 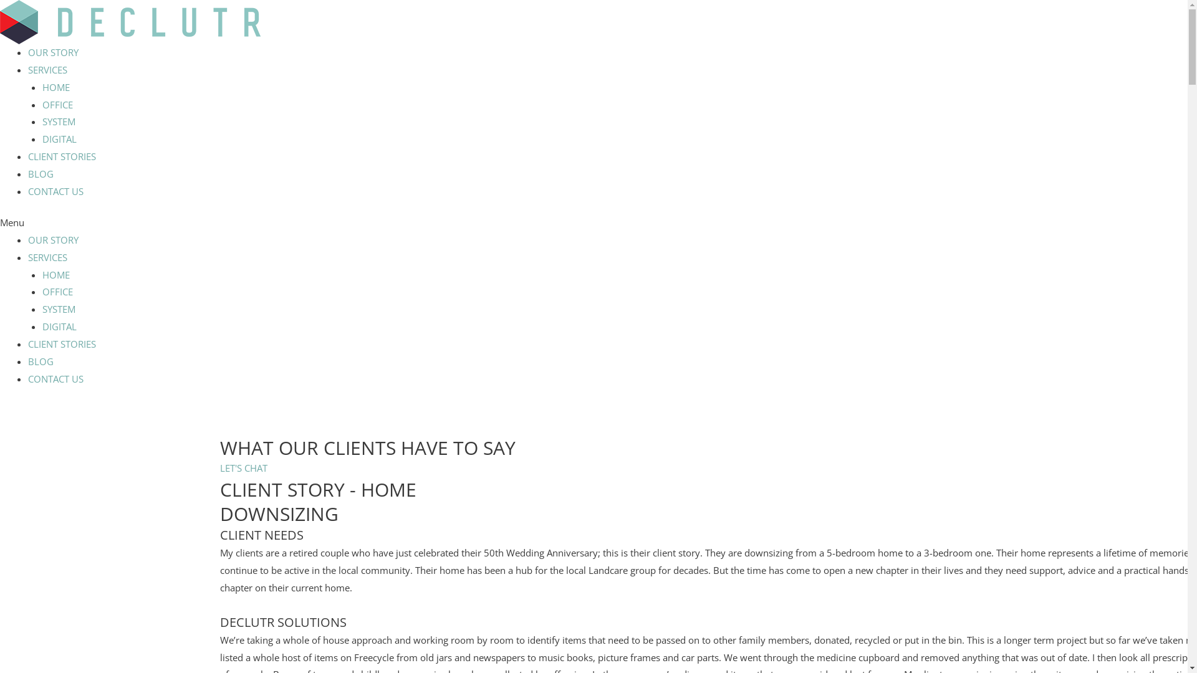 I want to click on 'CONTACT US', so click(x=55, y=378).